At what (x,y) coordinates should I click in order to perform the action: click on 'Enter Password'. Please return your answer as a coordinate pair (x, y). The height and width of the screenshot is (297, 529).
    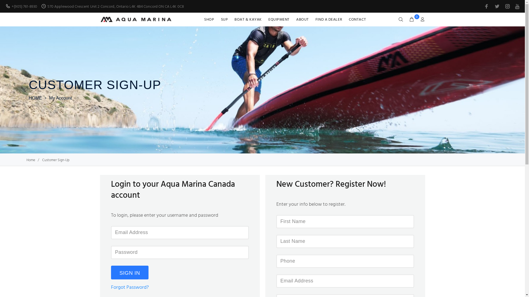
    Looking at the image, I should click on (180, 252).